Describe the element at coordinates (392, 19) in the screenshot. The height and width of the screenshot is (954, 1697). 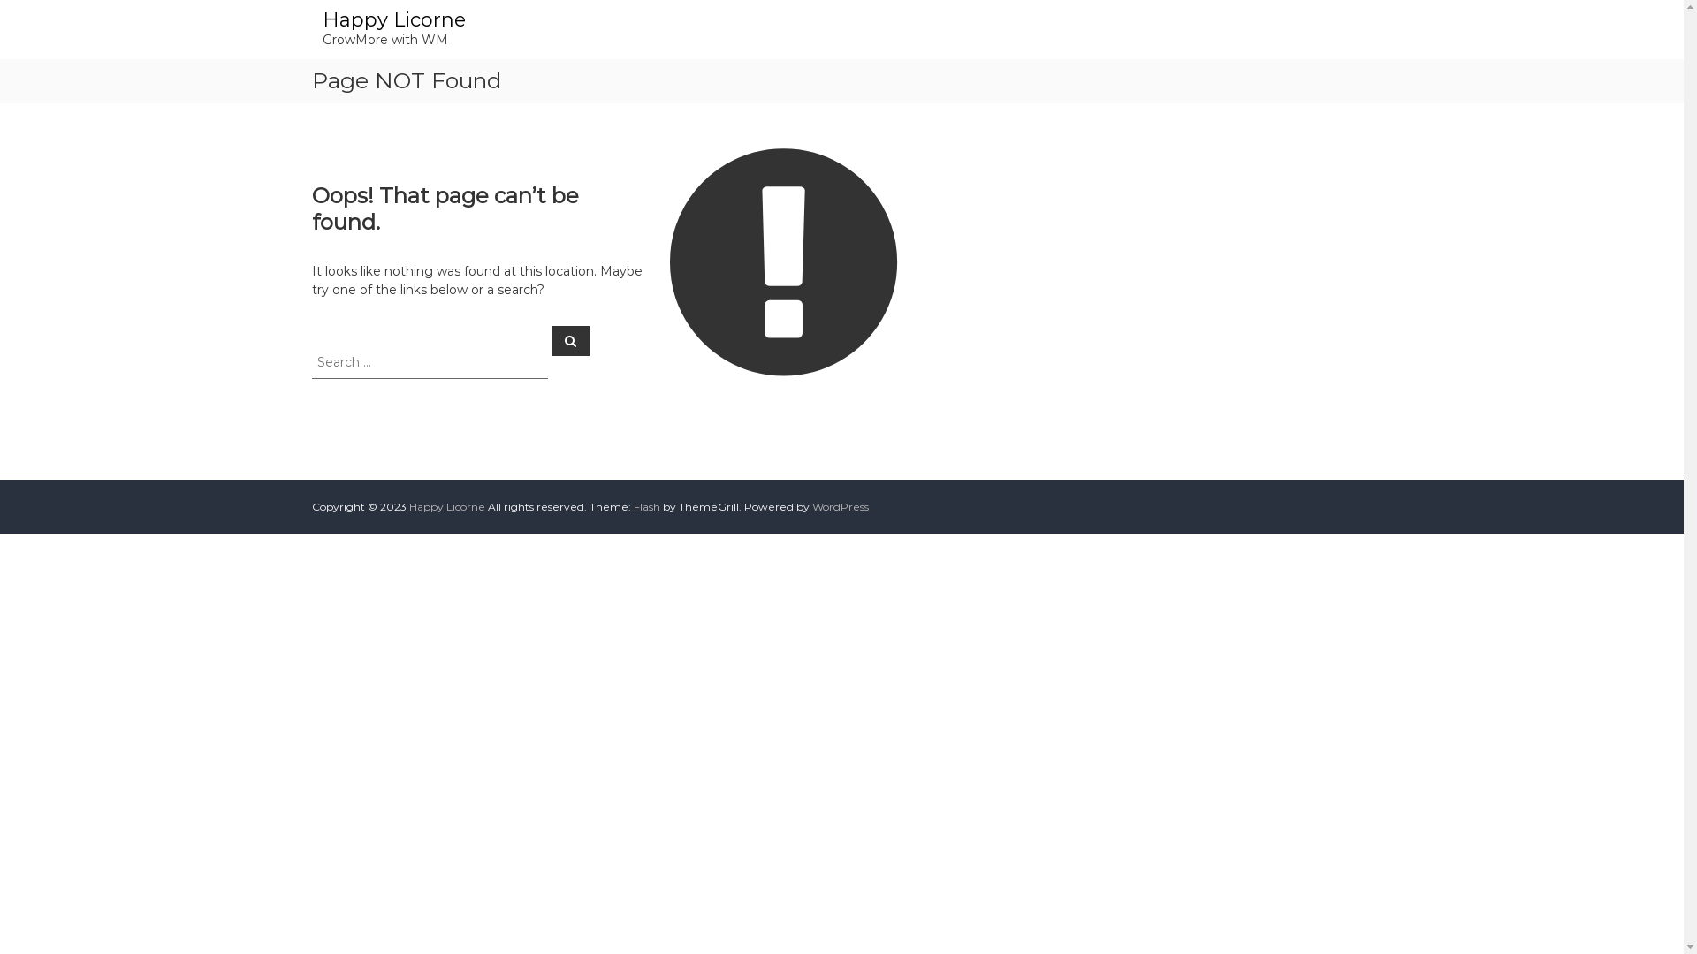
I see `'Happy Licorne'` at that location.